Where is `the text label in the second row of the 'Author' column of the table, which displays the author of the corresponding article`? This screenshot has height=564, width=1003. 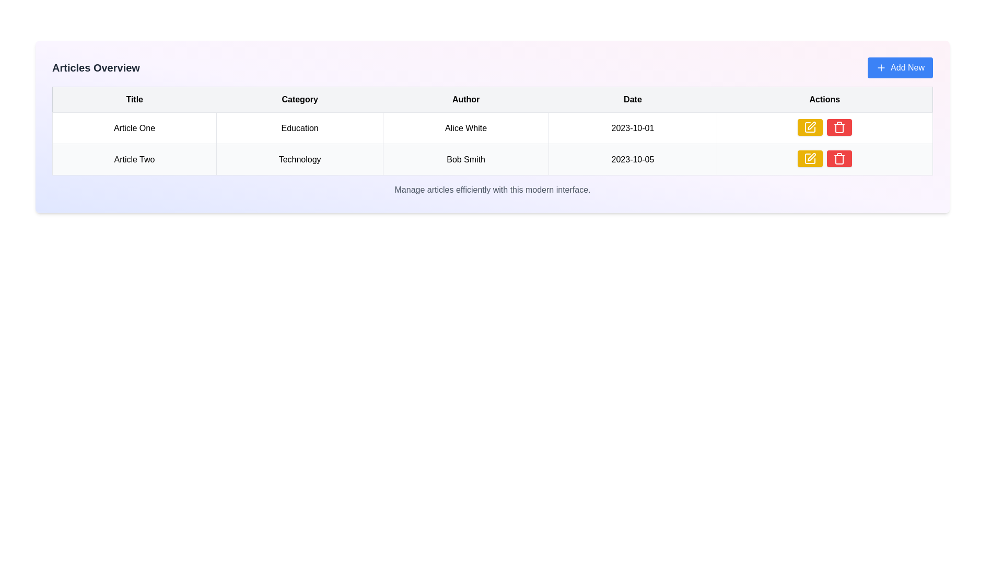
the text label in the second row of the 'Author' column of the table, which displays the author of the corresponding article is located at coordinates (465, 159).